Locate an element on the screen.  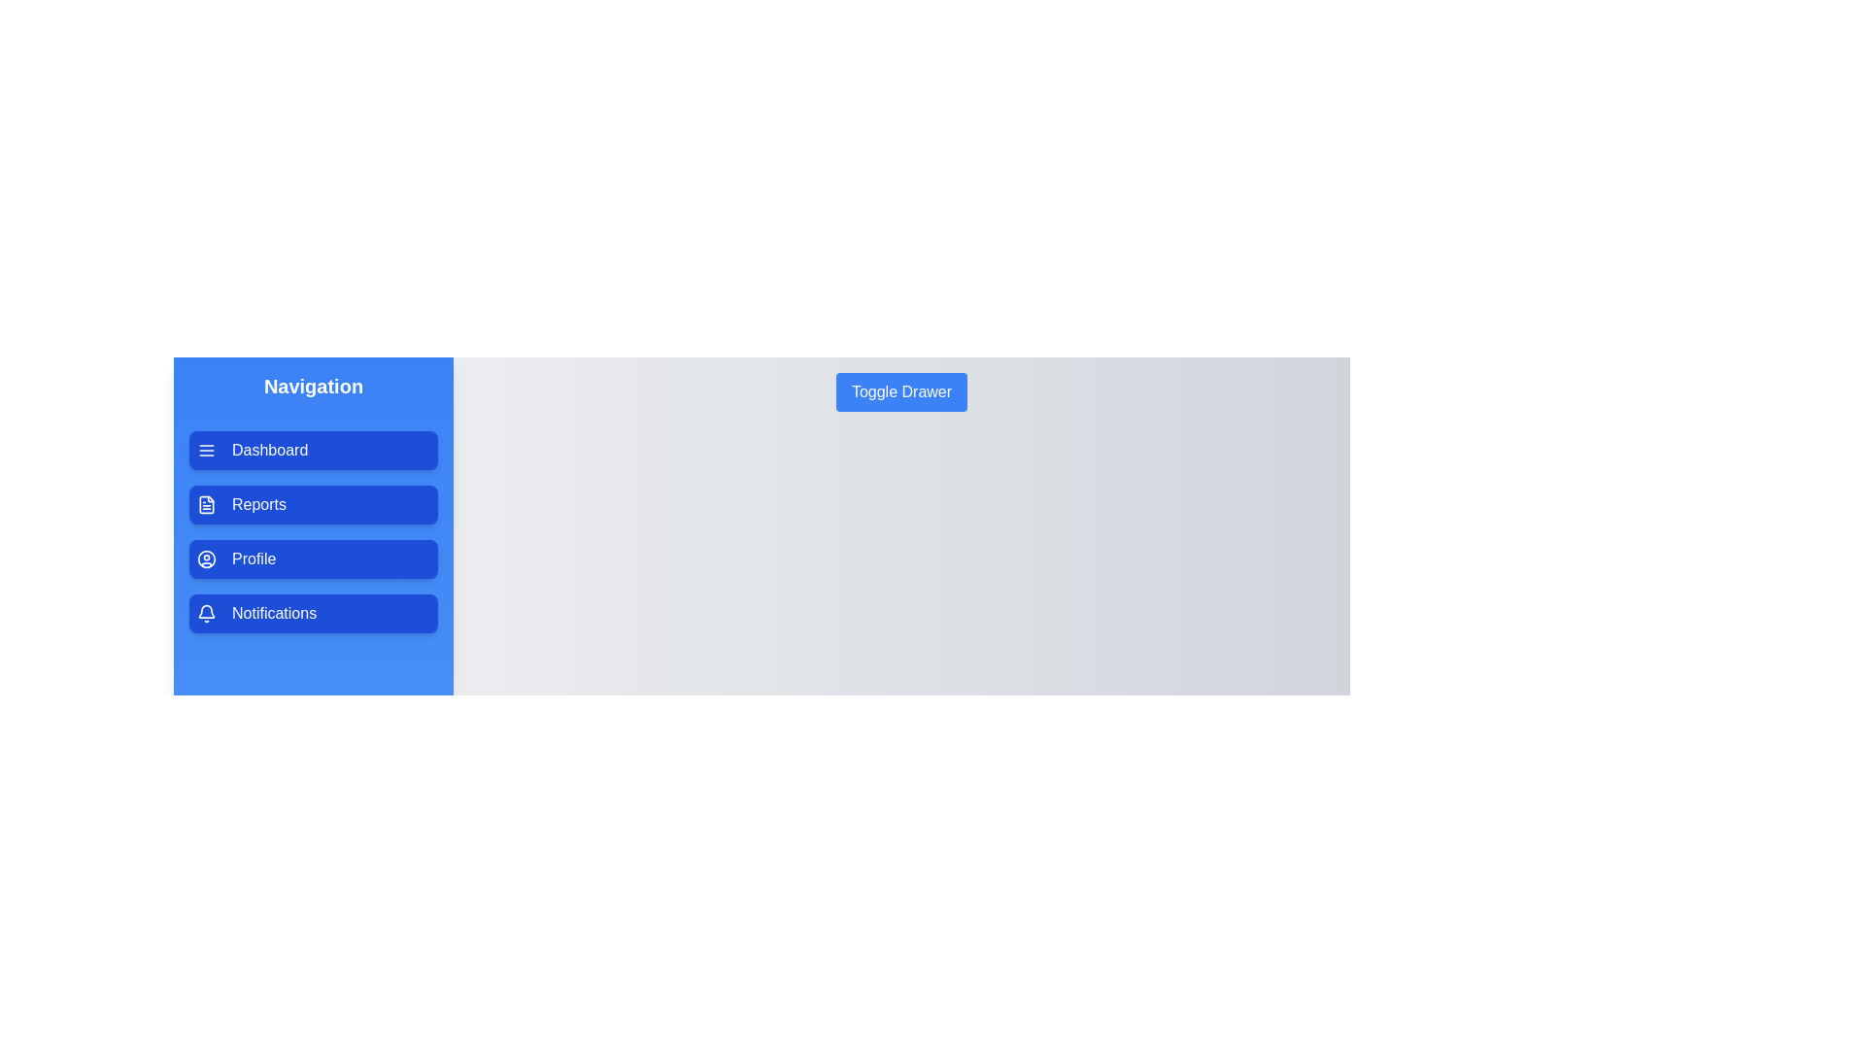
the menu item Dashboard to observe its hover effect is located at coordinates (313, 450).